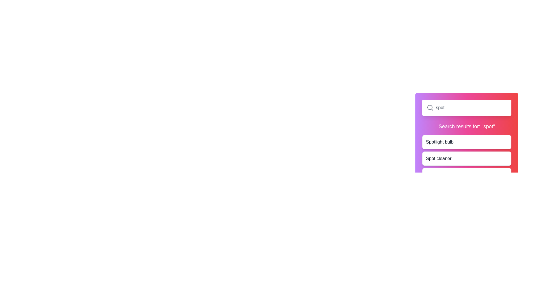 Image resolution: width=547 pixels, height=307 pixels. Describe the element at coordinates (467, 159) in the screenshot. I see `the selectable list item labeled 'Spot cleaner'` at that location.